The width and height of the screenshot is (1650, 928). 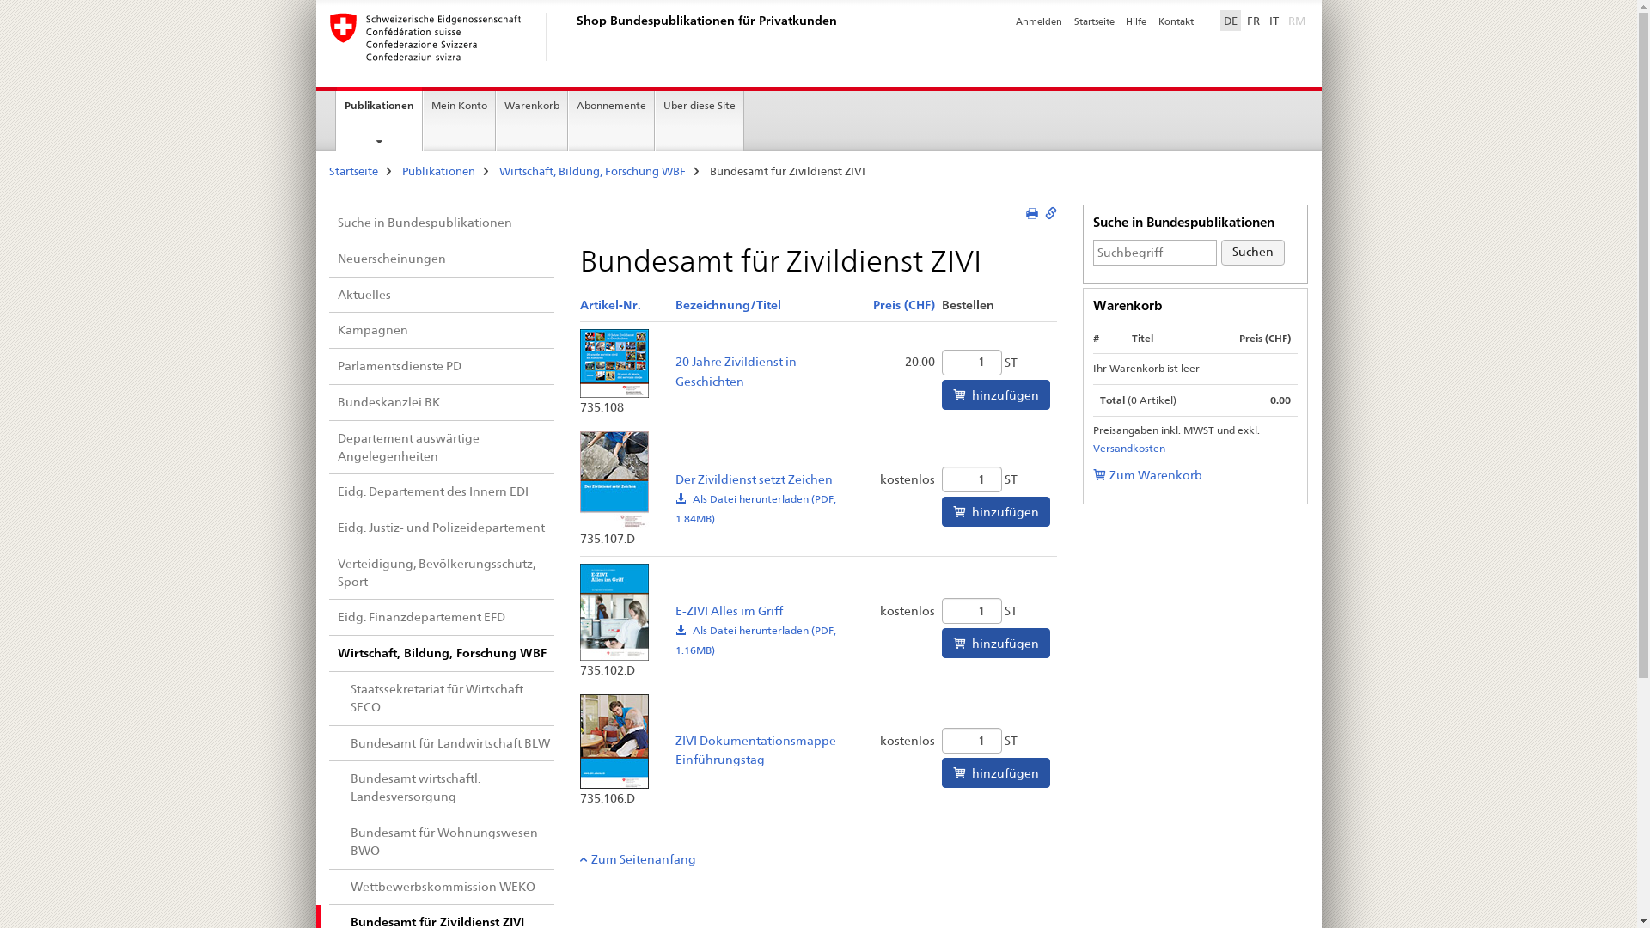 What do you see at coordinates (1175, 21) in the screenshot?
I see `'Kontakt'` at bounding box center [1175, 21].